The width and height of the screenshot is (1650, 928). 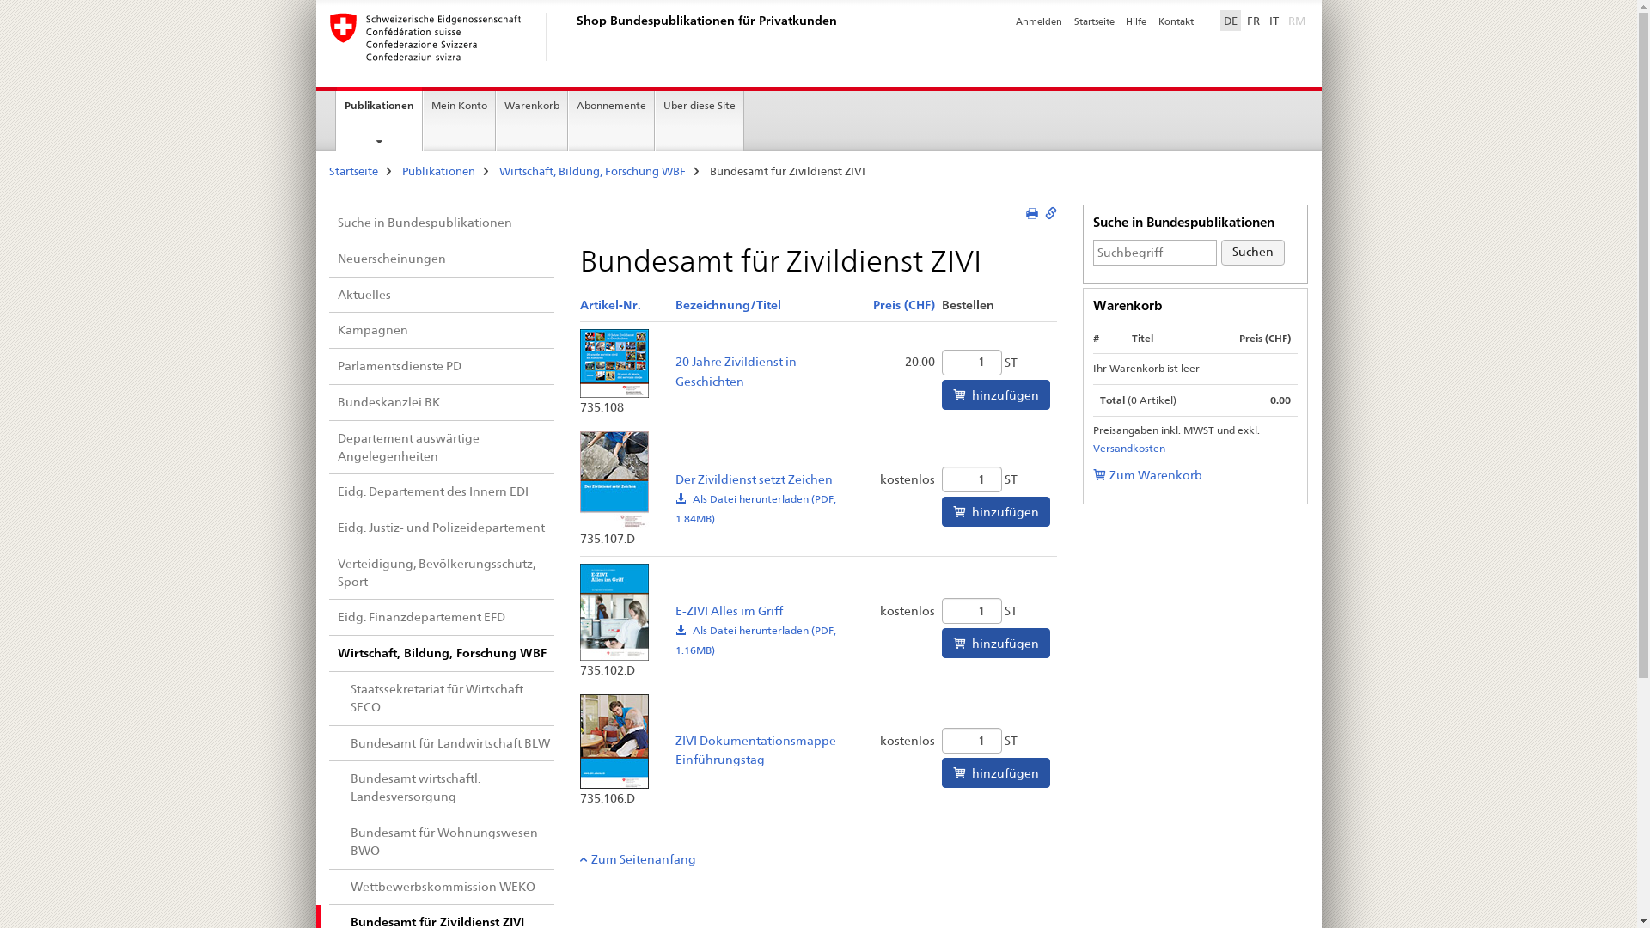 What do you see at coordinates (1175, 21) in the screenshot?
I see `'Kontakt'` at bounding box center [1175, 21].